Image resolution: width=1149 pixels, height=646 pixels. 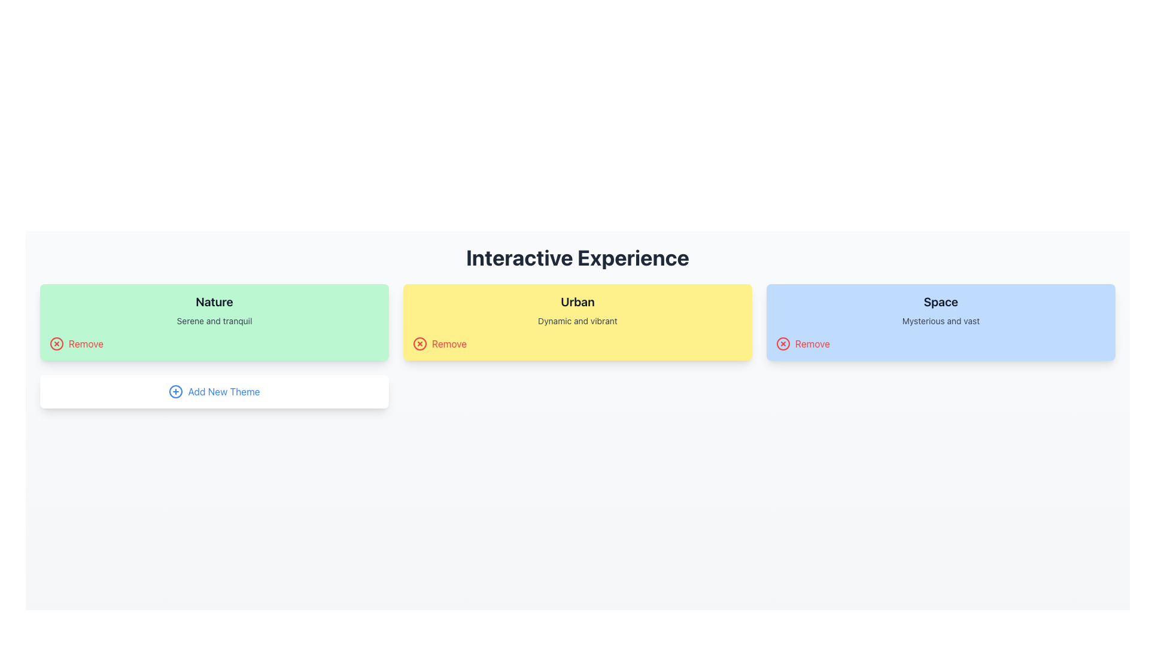 What do you see at coordinates (803, 343) in the screenshot?
I see `the 'Remove' button with a red color and a white 'X' icon located in the bottom-right corner of the 'Space' card` at bounding box center [803, 343].